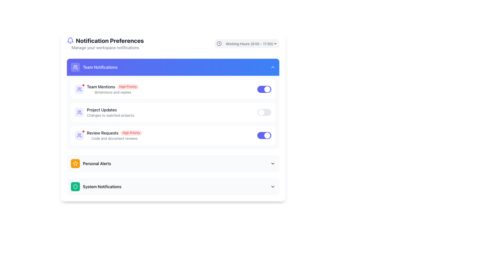  I want to click on the notification block styled with a gray background and rounded corners in the 'Notification Preferences' page, so click(173, 103).